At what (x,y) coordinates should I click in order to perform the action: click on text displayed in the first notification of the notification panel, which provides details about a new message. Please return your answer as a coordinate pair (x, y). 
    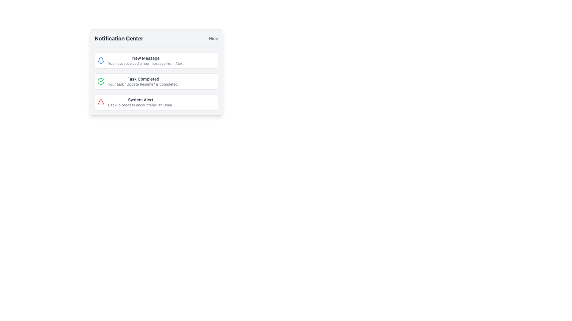
    Looking at the image, I should click on (146, 61).